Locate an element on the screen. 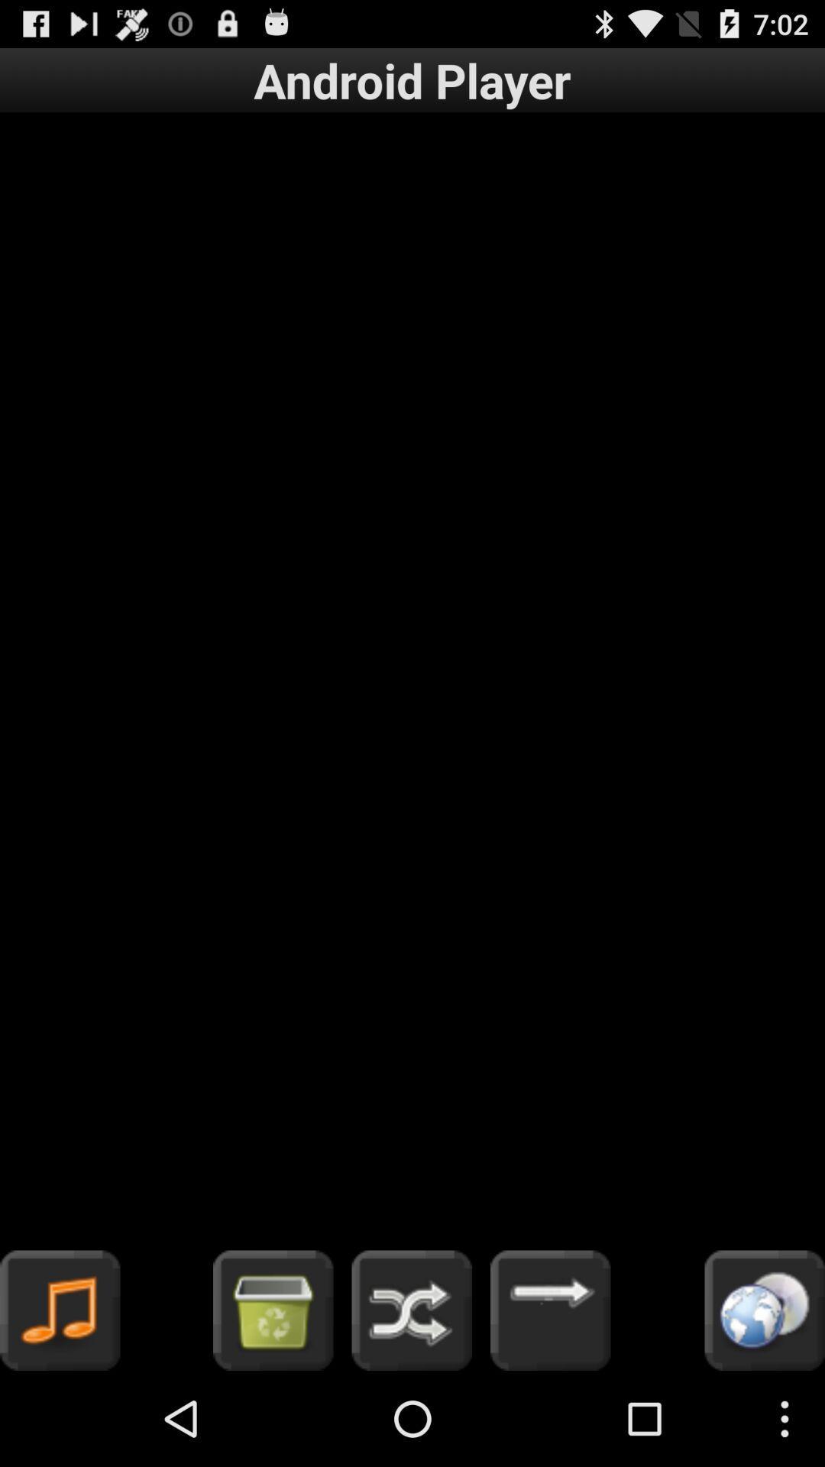 This screenshot has height=1467, width=825. the globe icon is located at coordinates (765, 1402).